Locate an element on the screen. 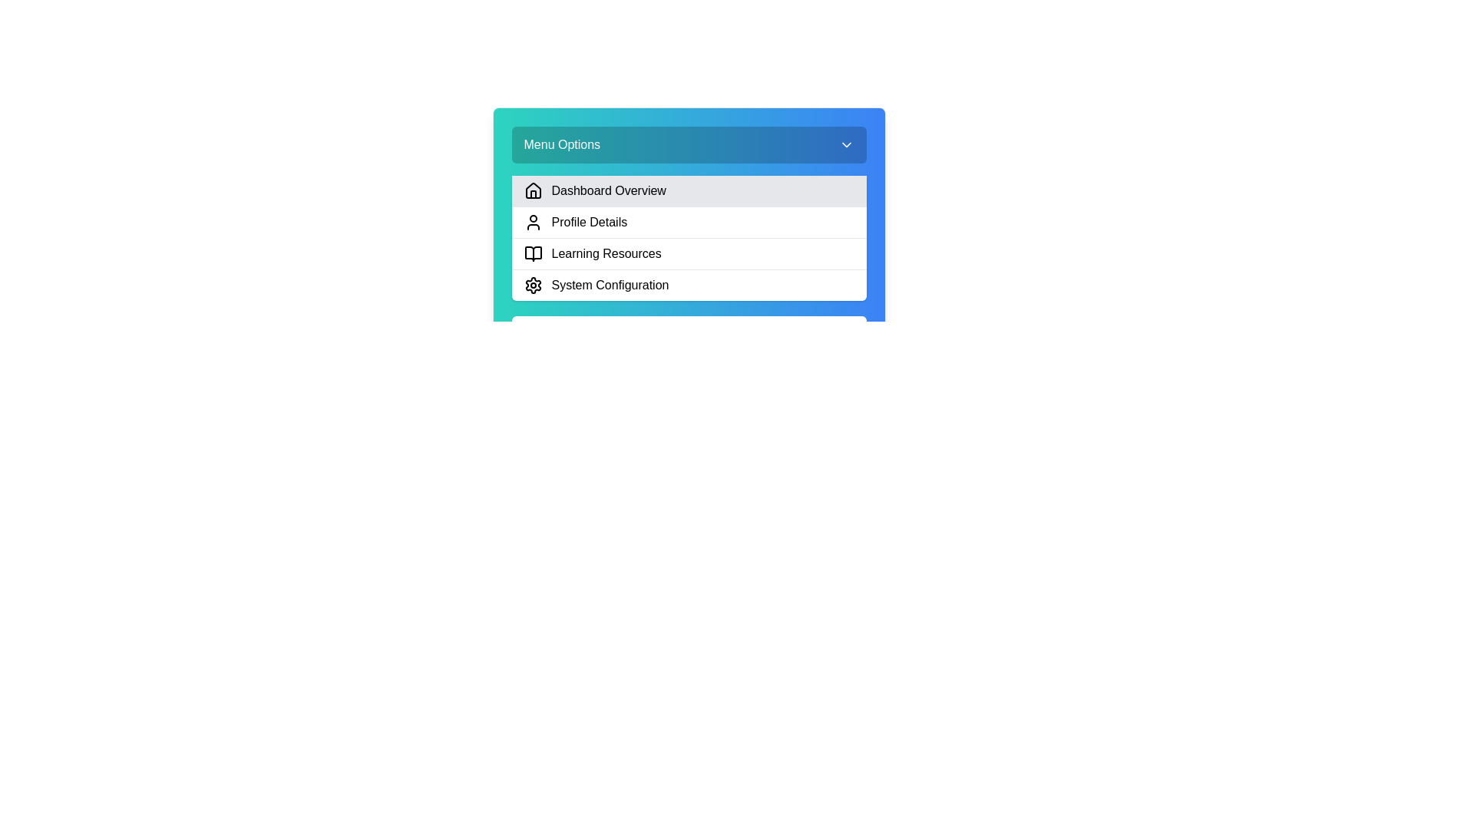 The width and height of the screenshot is (1474, 829). the house-shaped icon representing the 'Dashboard Overview' is located at coordinates (533, 190).